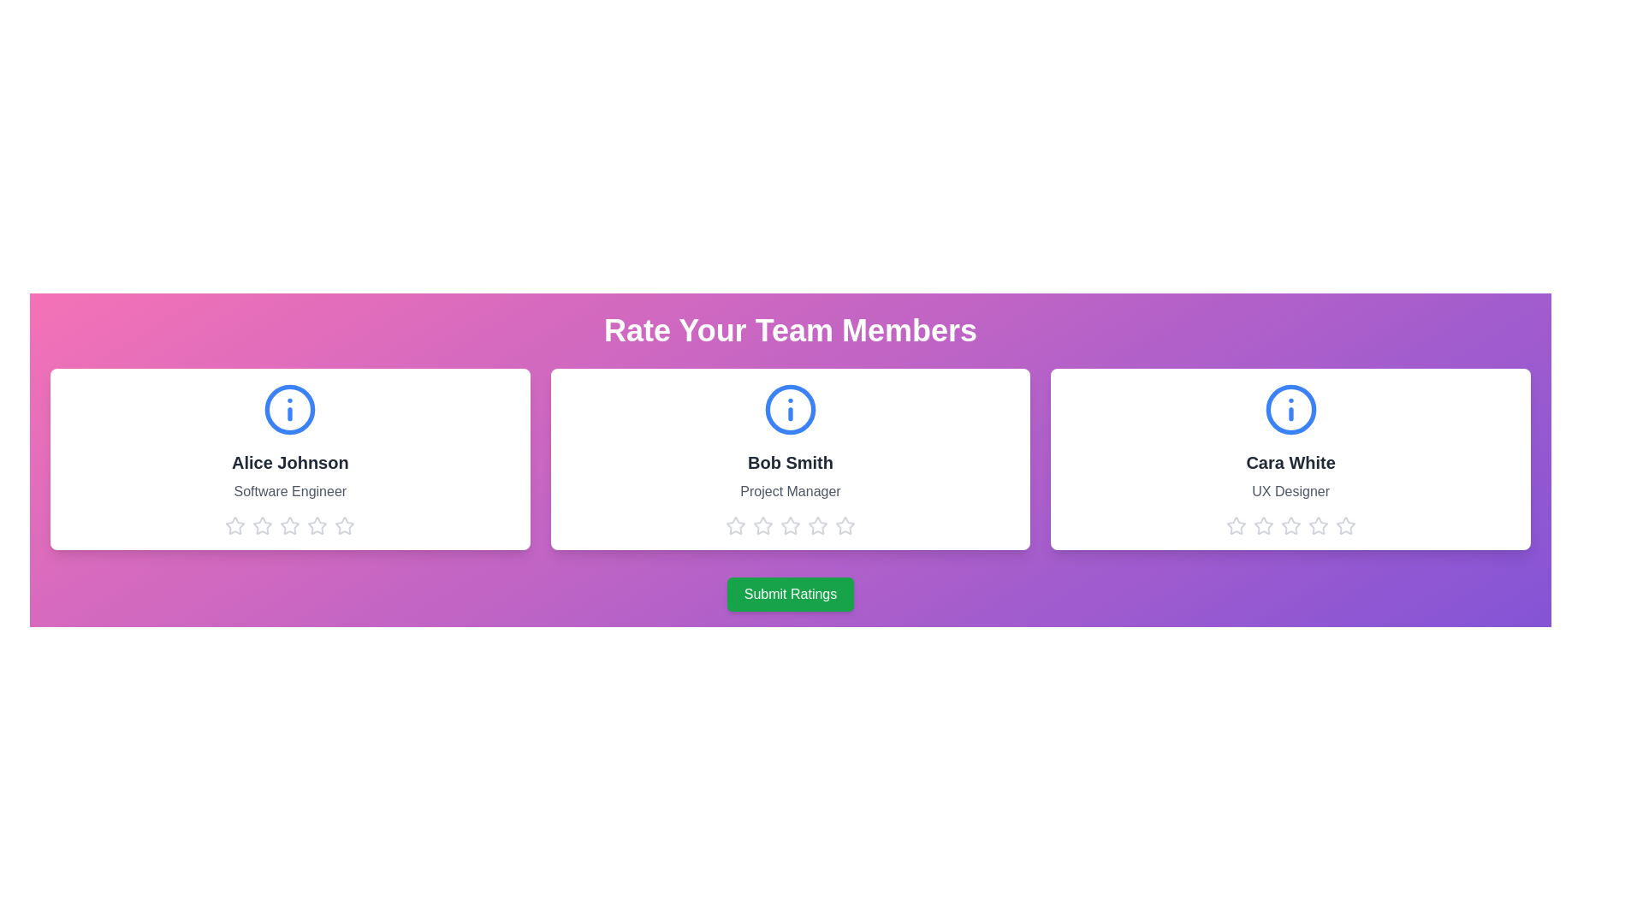 This screenshot has height=924, width=1643. Describe the element at coordinates (790, 593) in the screenshot. I see `the 'Submit Ratings' button to submit the ratings` at that location.